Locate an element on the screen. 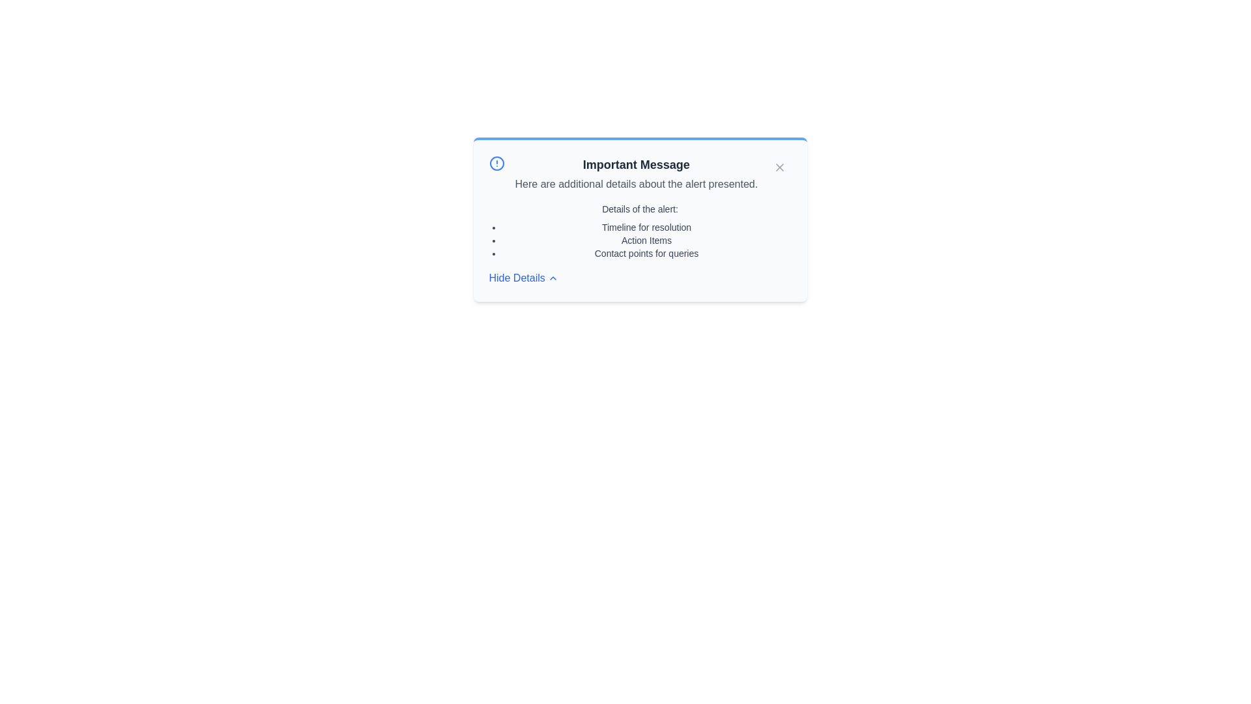 The width and height of the screenshot is (1251, 704). the 'Action Items' text label located in the popup under the heading 'Important Message', which is the second item in a list of three elements is located at coordinates (646, 241).